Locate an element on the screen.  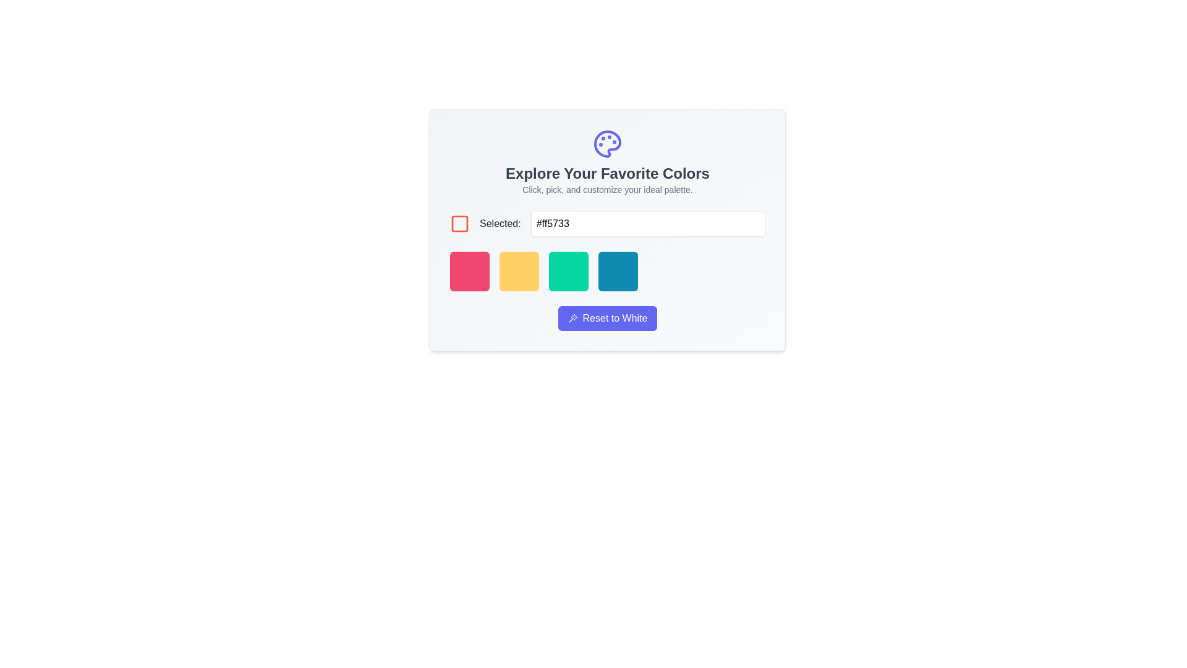
the blue box in the color selection palette located in the 'Explore Your Favorite Colors' section is located at coordinates (608, 271).